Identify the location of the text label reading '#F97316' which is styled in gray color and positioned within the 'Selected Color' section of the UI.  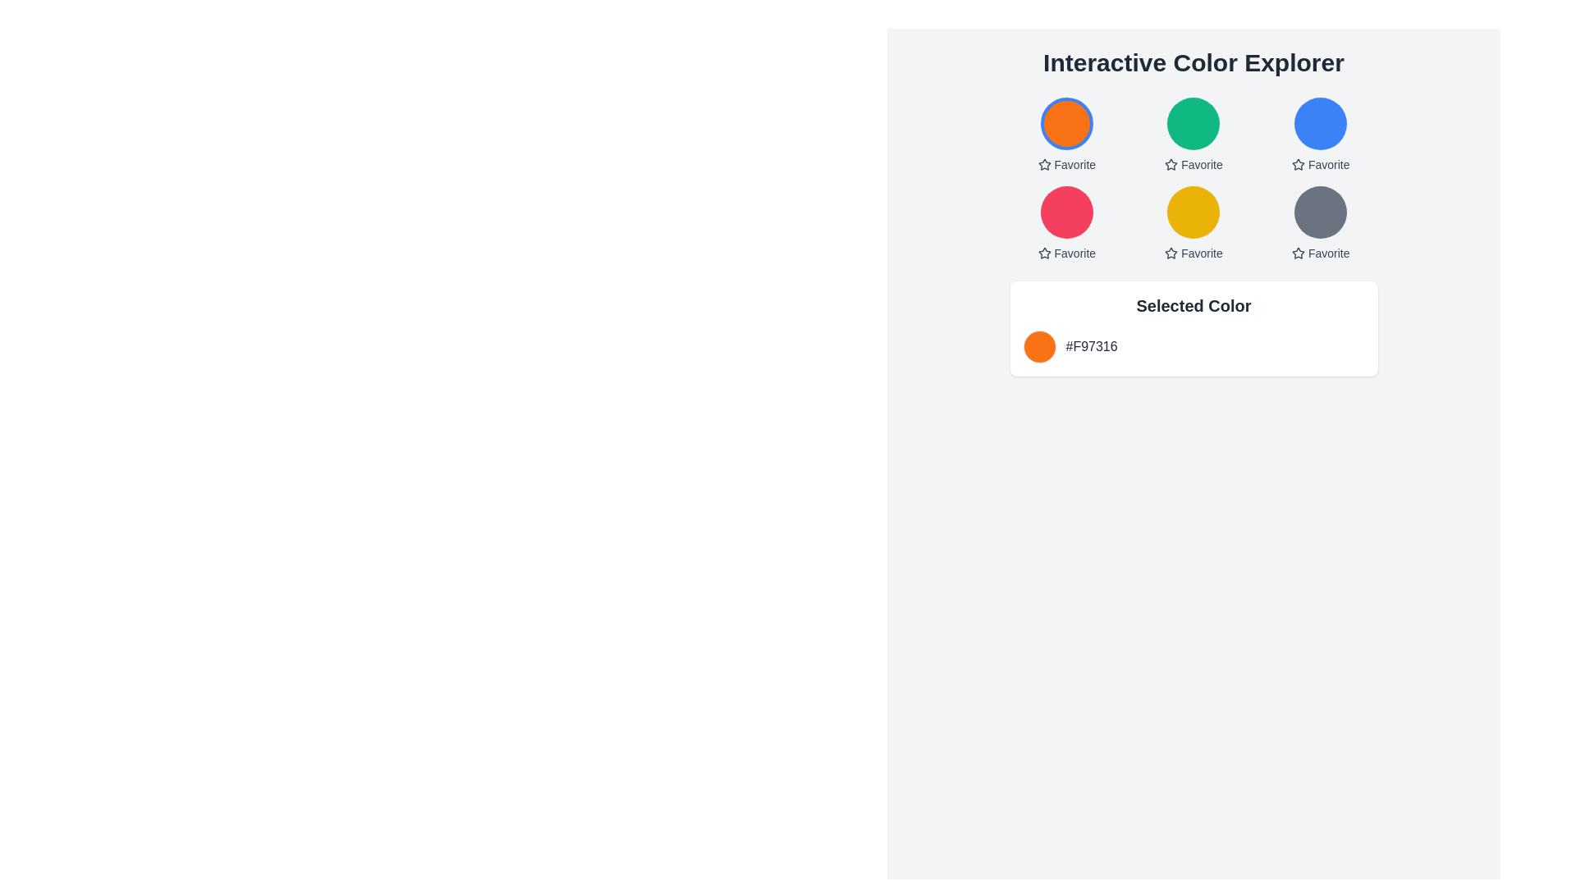
(1092, 346).